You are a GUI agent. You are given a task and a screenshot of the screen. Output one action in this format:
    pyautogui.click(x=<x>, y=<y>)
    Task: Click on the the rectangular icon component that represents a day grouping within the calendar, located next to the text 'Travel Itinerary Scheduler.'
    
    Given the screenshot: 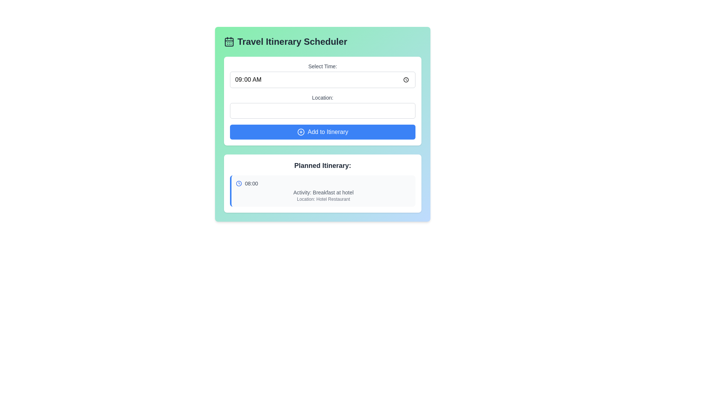 What is the action you would take?
    pyautogui.click(x=229, y=42)
    